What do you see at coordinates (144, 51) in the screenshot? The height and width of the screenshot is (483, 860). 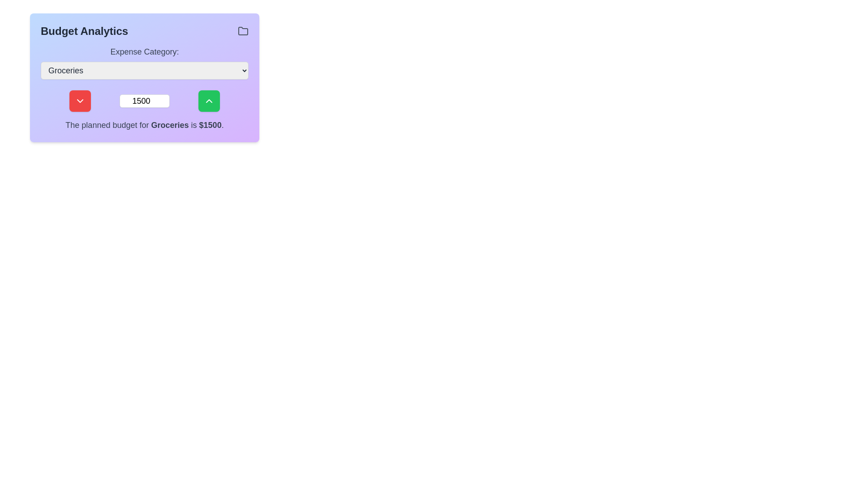 I see `the text label displaying 'Expense Category:' which is styled with a large font size and gray color, located below the 'Budget Analytics' header and above the dropdown field` at bounding box center [144, 51].